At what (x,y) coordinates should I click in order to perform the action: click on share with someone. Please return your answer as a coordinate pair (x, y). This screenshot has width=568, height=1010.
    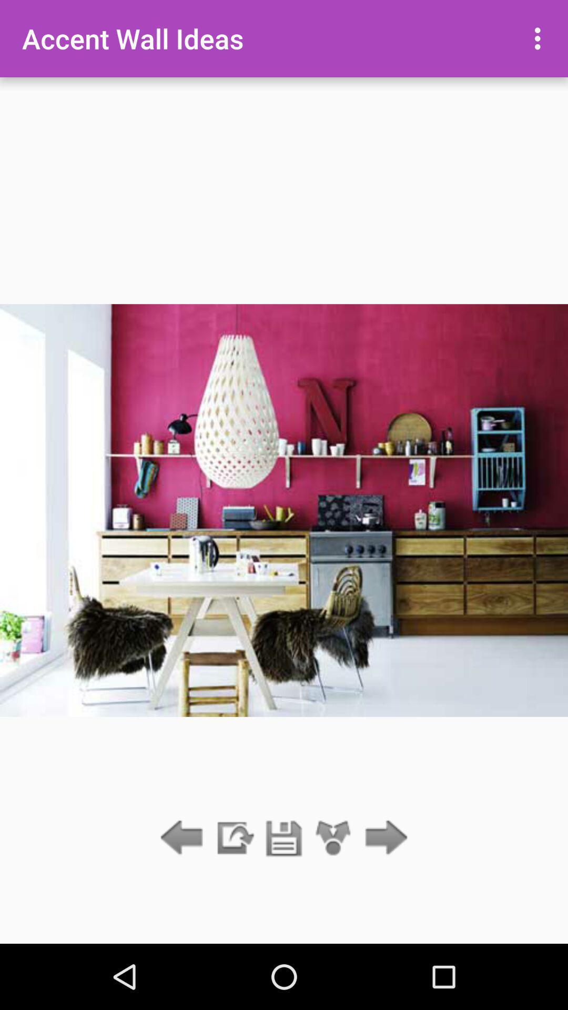
    Looking at the image, I should click on (333, 838).